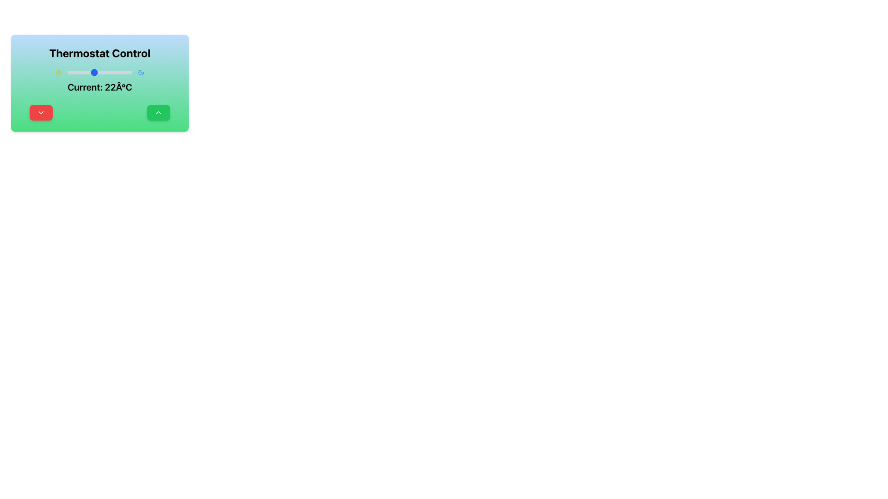 Image resolution: width=888 pixels, height=499 pixels. What do you see at coordinates (121, 72) in the screenshot?
I see `temperature` at bounding box center [121, 72].